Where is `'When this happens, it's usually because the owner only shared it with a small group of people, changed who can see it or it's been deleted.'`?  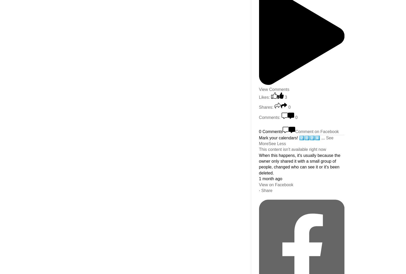 'When this happens, it's usually because the owner only shared it with a small group of people, changed who can see it or it's been deleted.' is located at coordinates (299, 164).